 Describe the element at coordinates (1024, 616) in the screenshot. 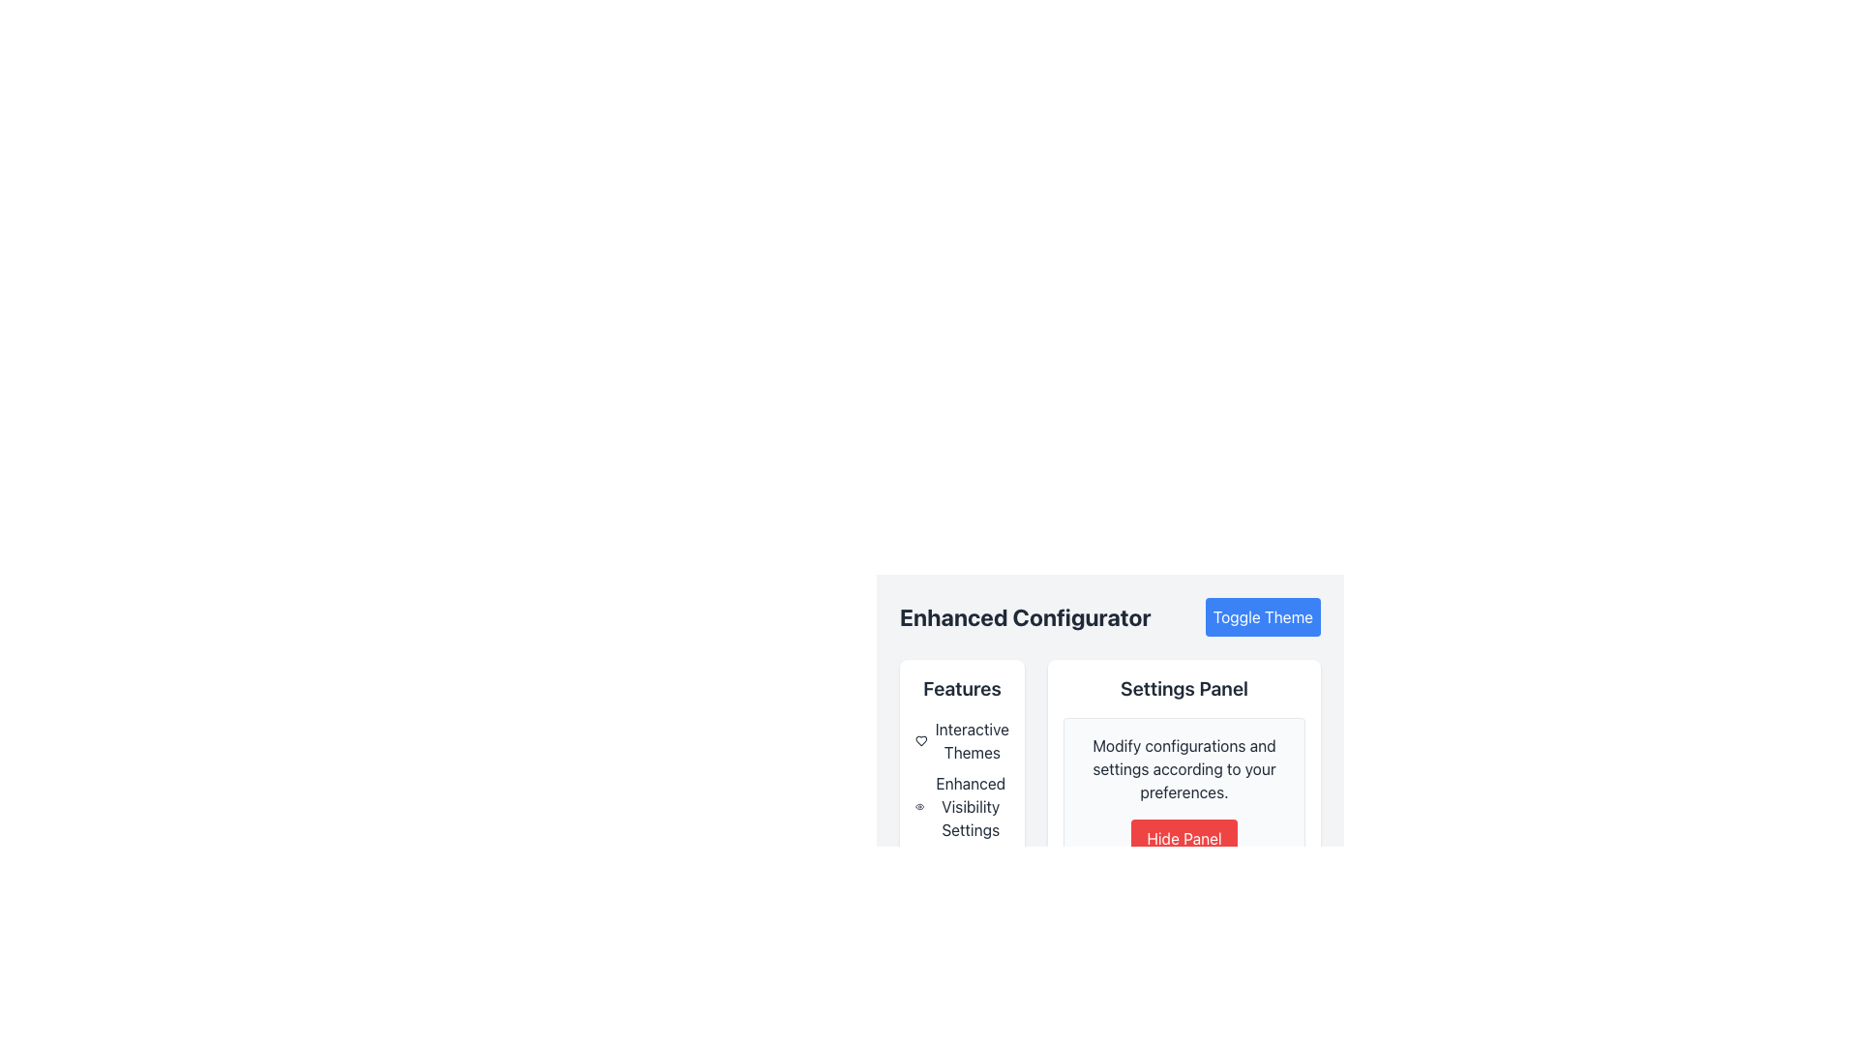

I see `the header text element that identifies the section's purpose, located at the top-center of the interface, slightly towards the top-left quadrant` at that location.